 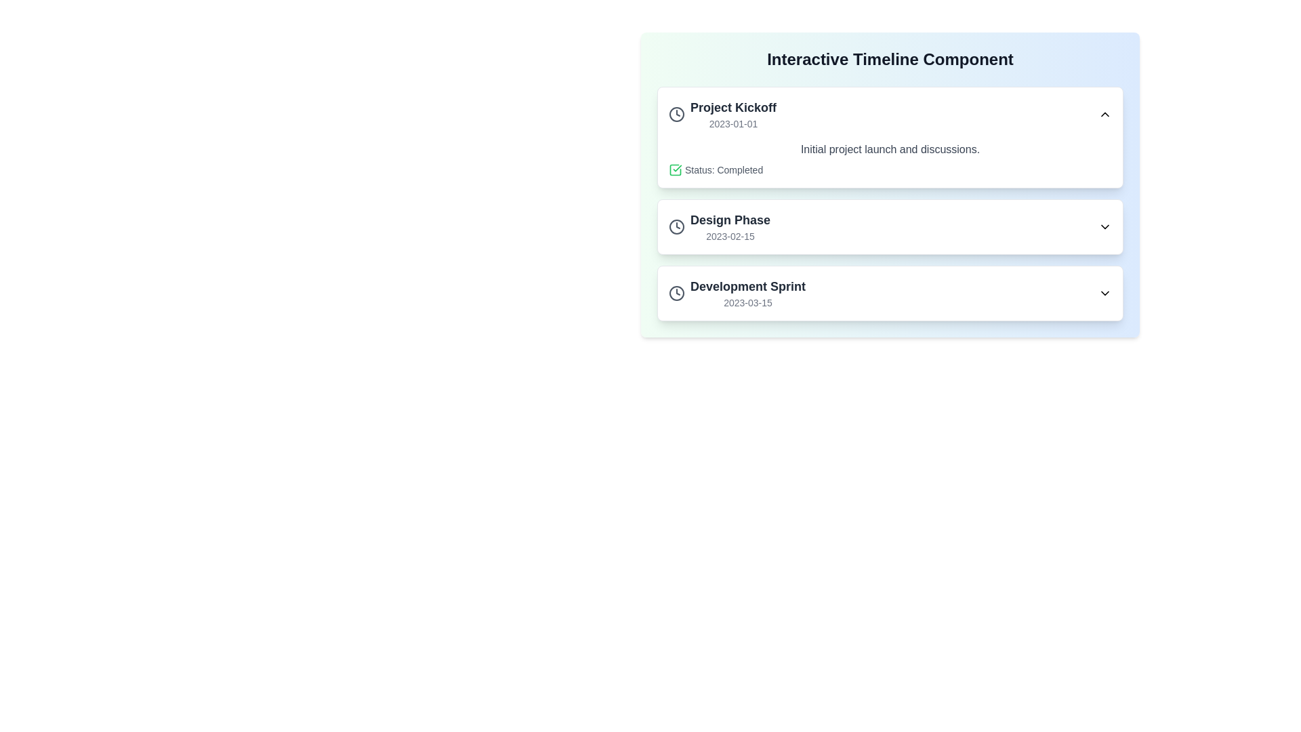 What do you see at coordinates (1105, 292) in the screenshot?
I see `the Dropdown toggle button icon located at the far right end of the 'Development Sprint' section` at bounding box center [1105, 292].